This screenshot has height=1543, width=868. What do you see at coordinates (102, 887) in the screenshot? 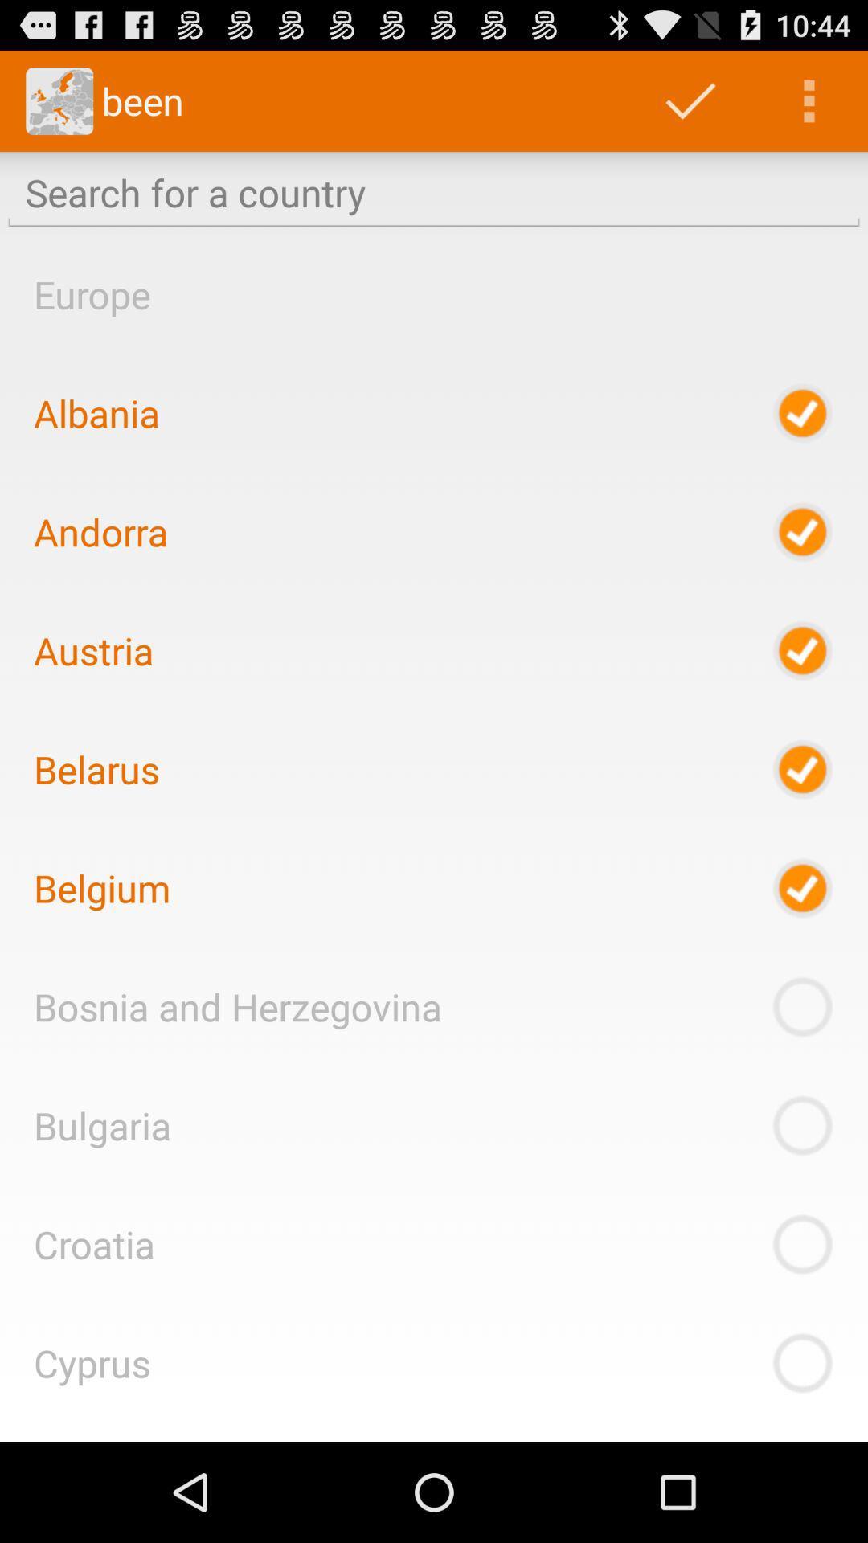
I see `the icon below belarus icon` at bounding box center [102, 887].